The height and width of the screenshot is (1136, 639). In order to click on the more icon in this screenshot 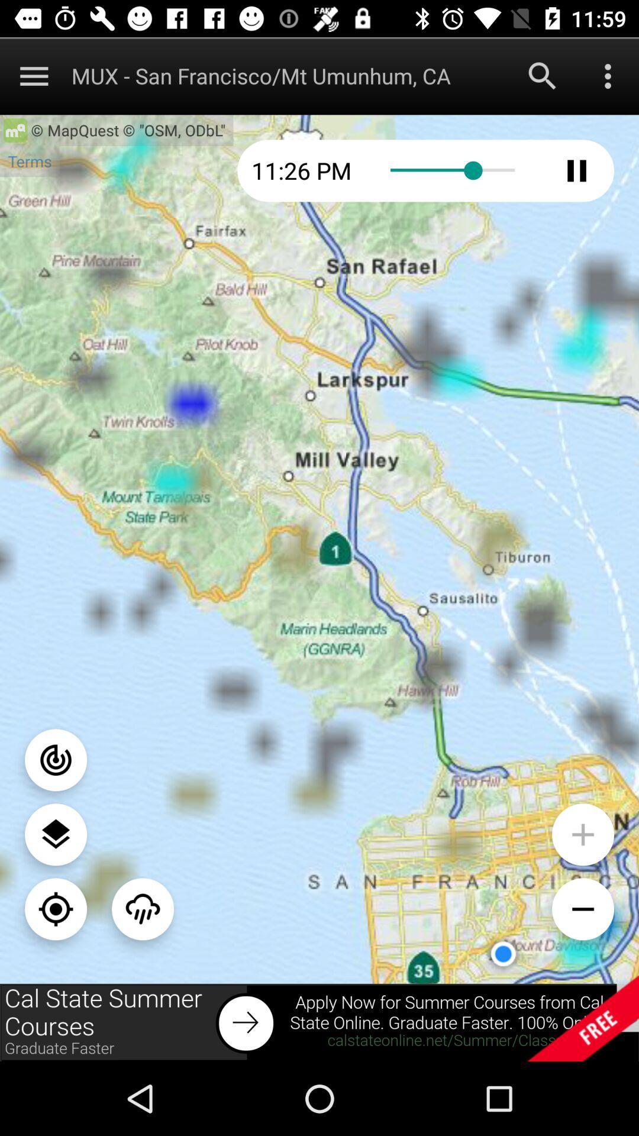, I will do `click(608, 75)`.